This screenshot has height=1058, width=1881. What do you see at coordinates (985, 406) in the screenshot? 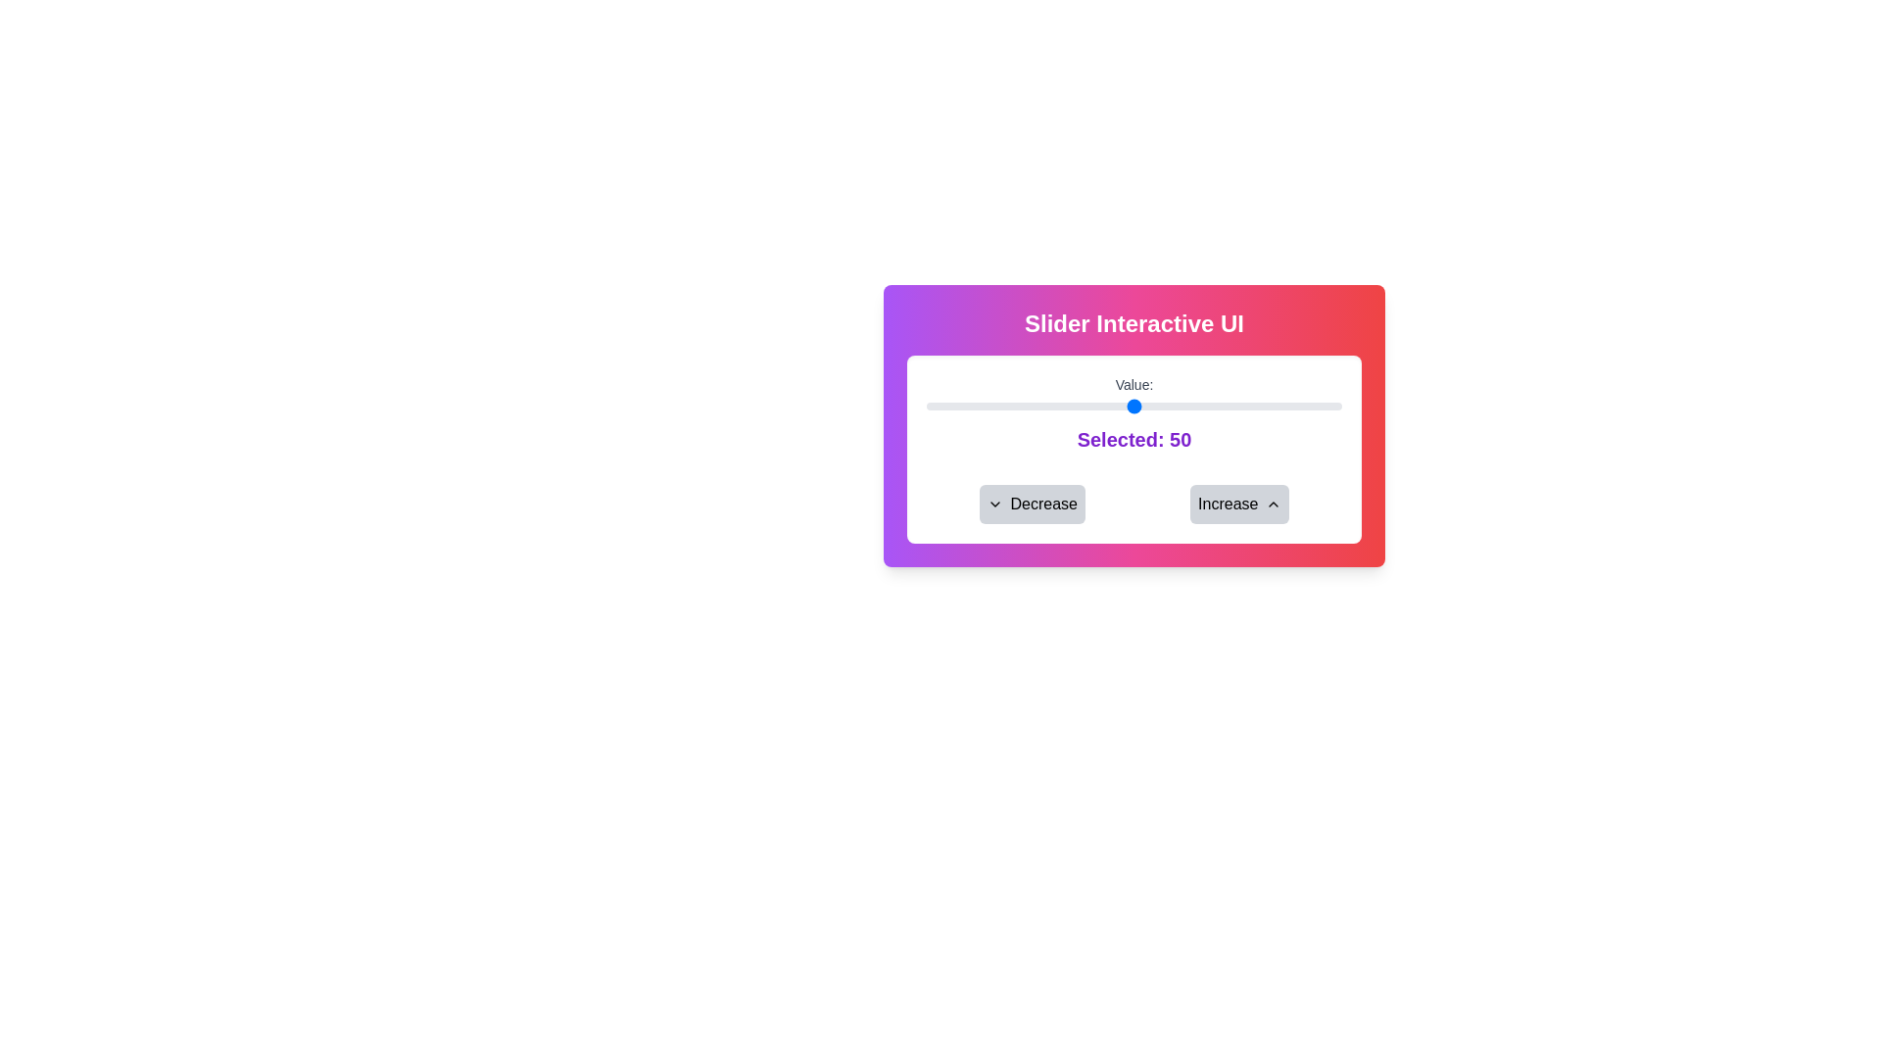
I see `the slider value` at bounding box center [985, 406].